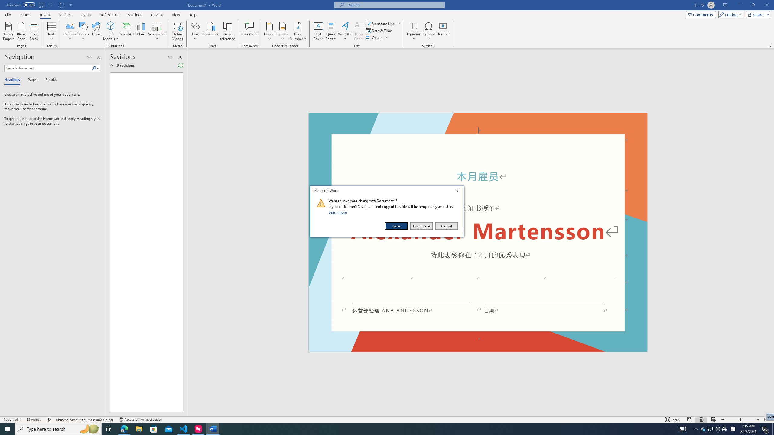  What do you see at coordinates (733, 428) in the screenshot?
I see `'Tray Input Indicator - Chinese (Simplified, China)'` at bounding box center [733, 428].